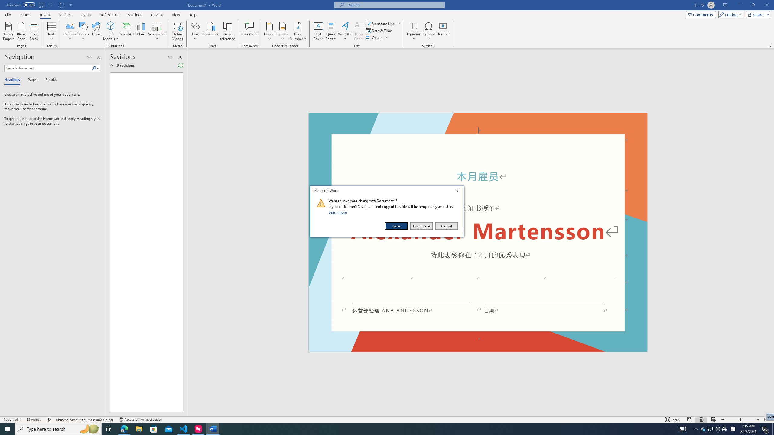  What do you see at coordinates (733, 428) in the screenshot?
I see `'Tray Input Indicator - Chinese (Simplified, China)'` at bounding box center [733, 428].